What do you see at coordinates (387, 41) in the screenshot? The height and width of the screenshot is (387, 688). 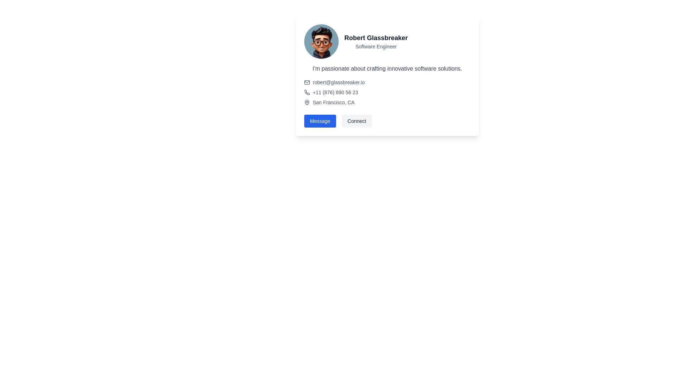 I see `the header section containing the profile picture and textual information` at bounding box center [387, 41].